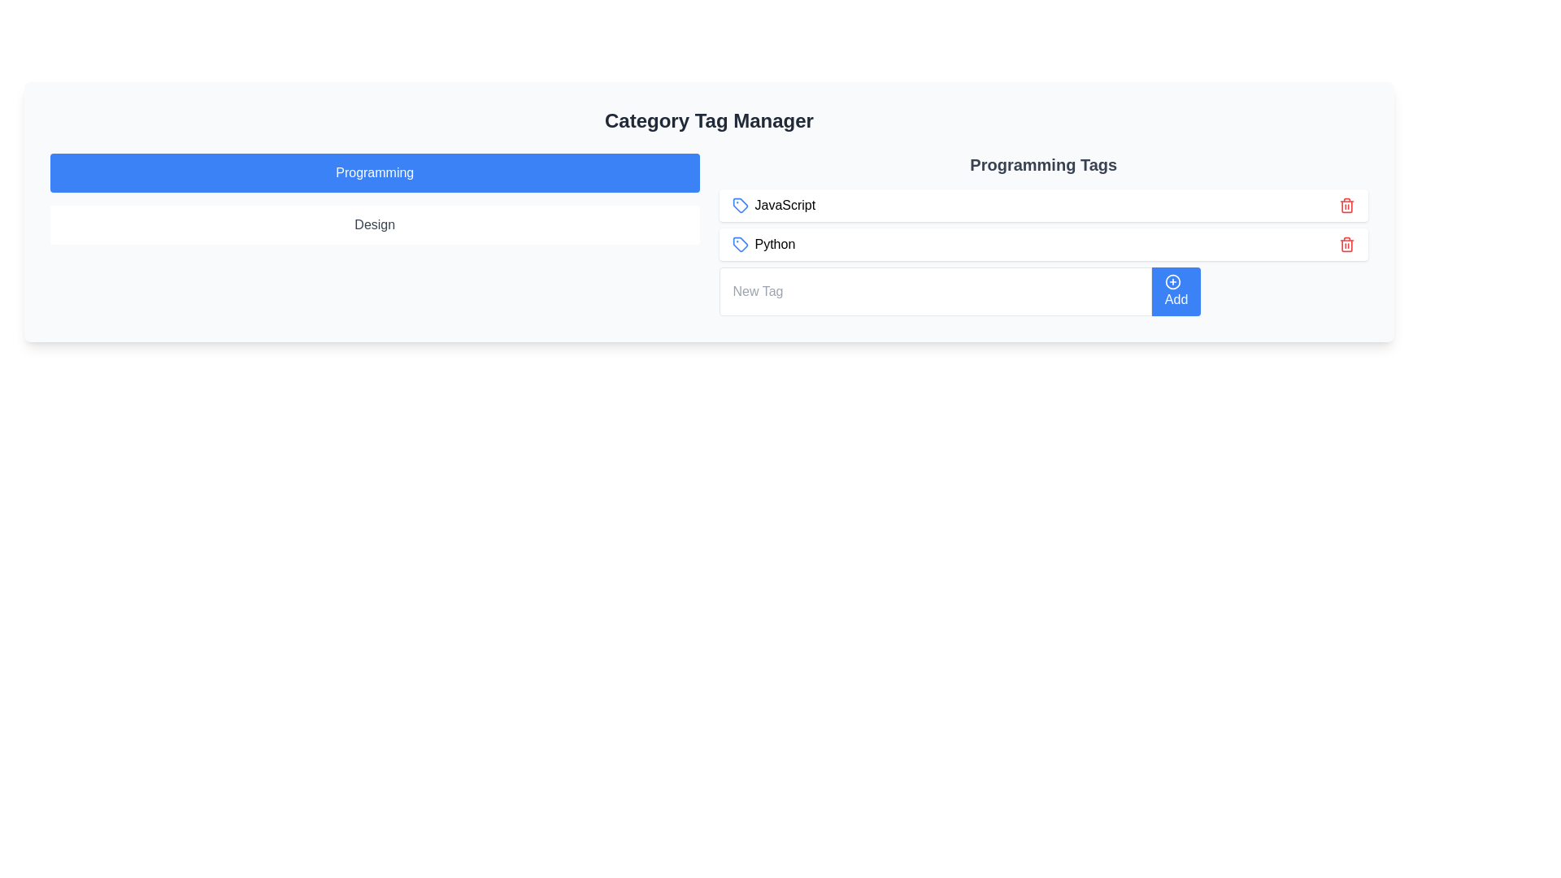  Describe the element at coordinates (1346, 206) in the screenshot. I see `the body of the trash can icon associated with the 'Python' tag in the 'Programming Tags' section` at that location.